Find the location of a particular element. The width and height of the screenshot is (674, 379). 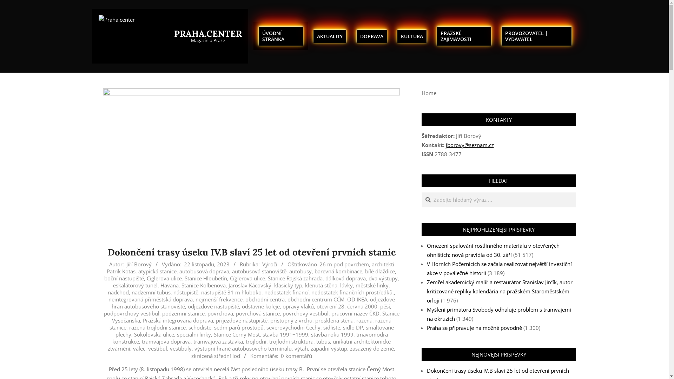

'vestibuly' is located at coordinates (180, 348).